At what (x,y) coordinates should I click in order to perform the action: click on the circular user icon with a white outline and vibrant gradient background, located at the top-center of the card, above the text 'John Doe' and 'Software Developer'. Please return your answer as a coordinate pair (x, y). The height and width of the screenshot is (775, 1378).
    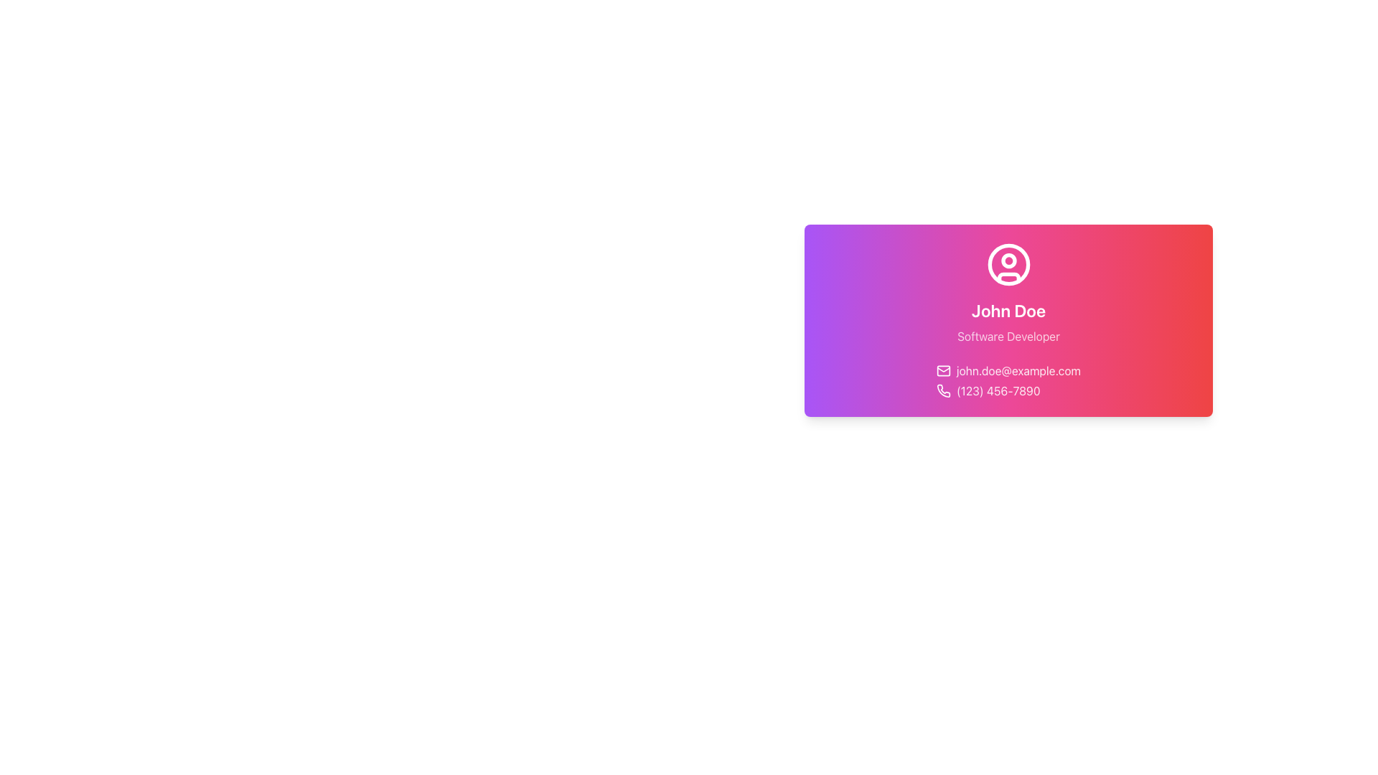
    Looking at the image, I should click on (1008, 265).